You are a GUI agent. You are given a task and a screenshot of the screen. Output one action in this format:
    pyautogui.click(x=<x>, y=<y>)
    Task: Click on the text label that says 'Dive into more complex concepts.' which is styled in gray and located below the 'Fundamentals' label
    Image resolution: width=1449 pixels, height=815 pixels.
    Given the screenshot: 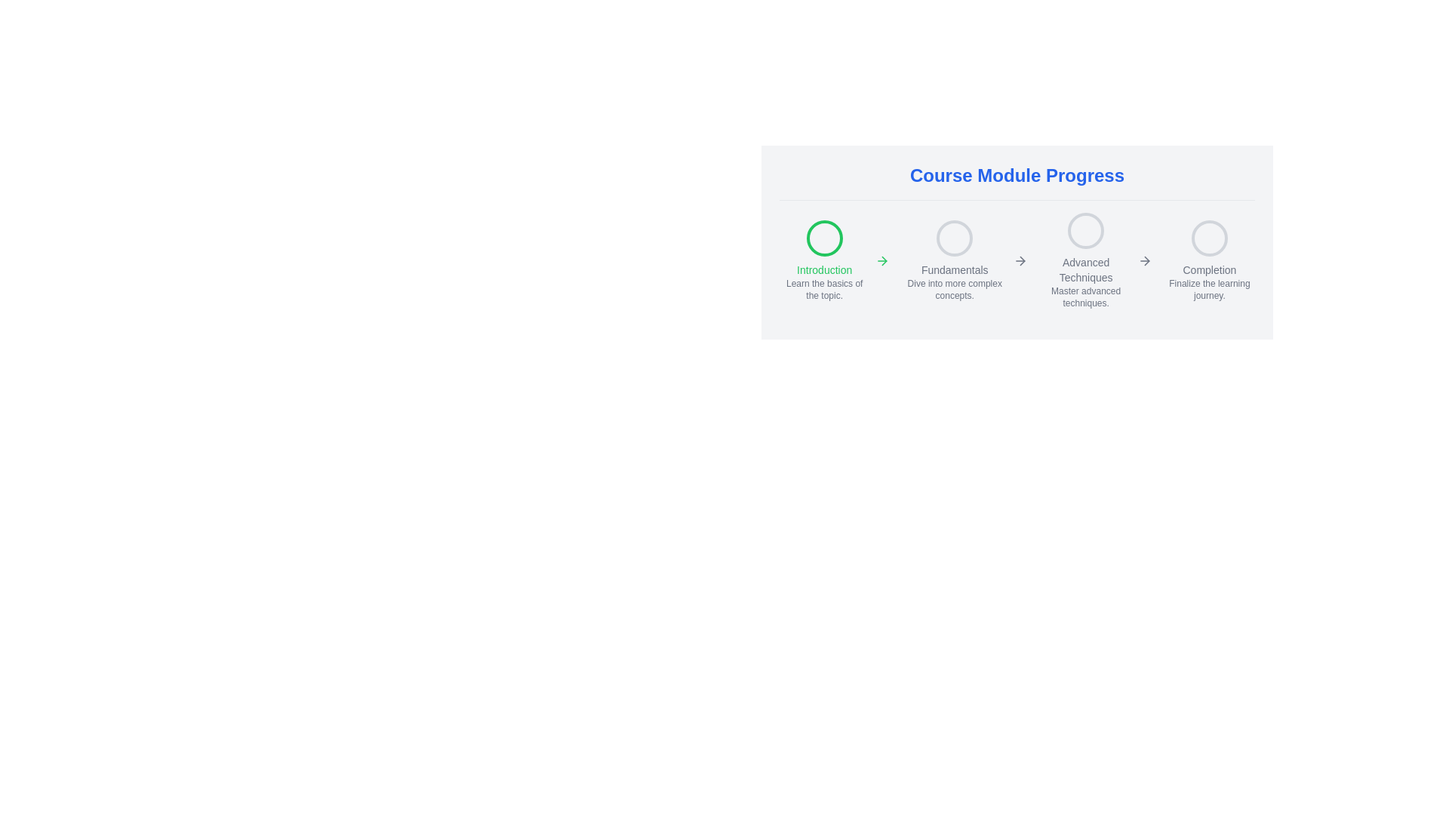 What is the action you would take?
    pyautogui.click(x=954, y=290)
    